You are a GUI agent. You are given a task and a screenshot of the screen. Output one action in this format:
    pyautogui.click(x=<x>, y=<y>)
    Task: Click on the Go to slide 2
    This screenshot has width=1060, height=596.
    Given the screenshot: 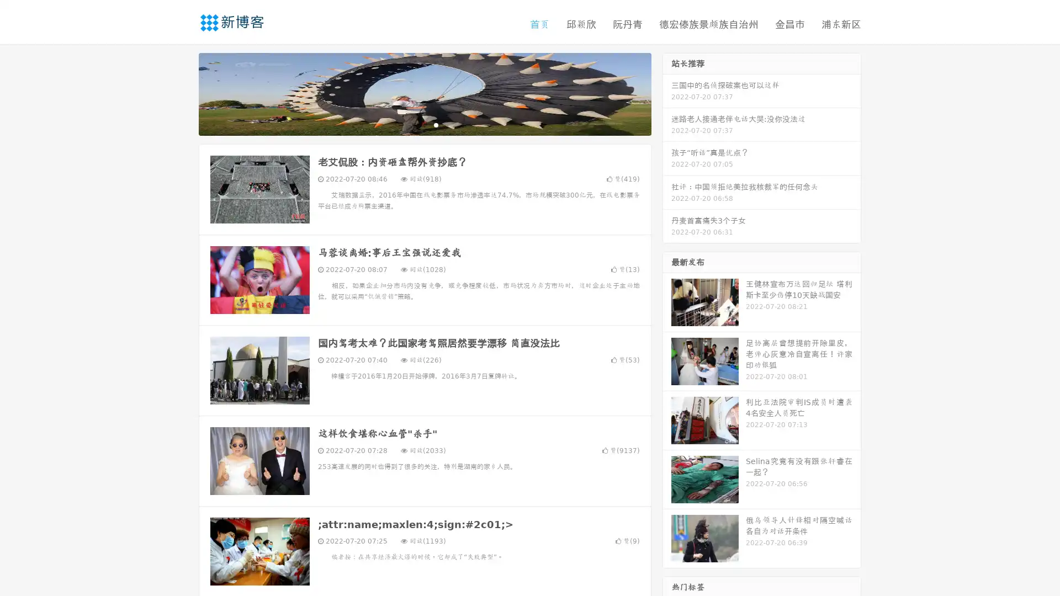 What is the action you would take?
    pyautogui.click(x=424, y=124)
    